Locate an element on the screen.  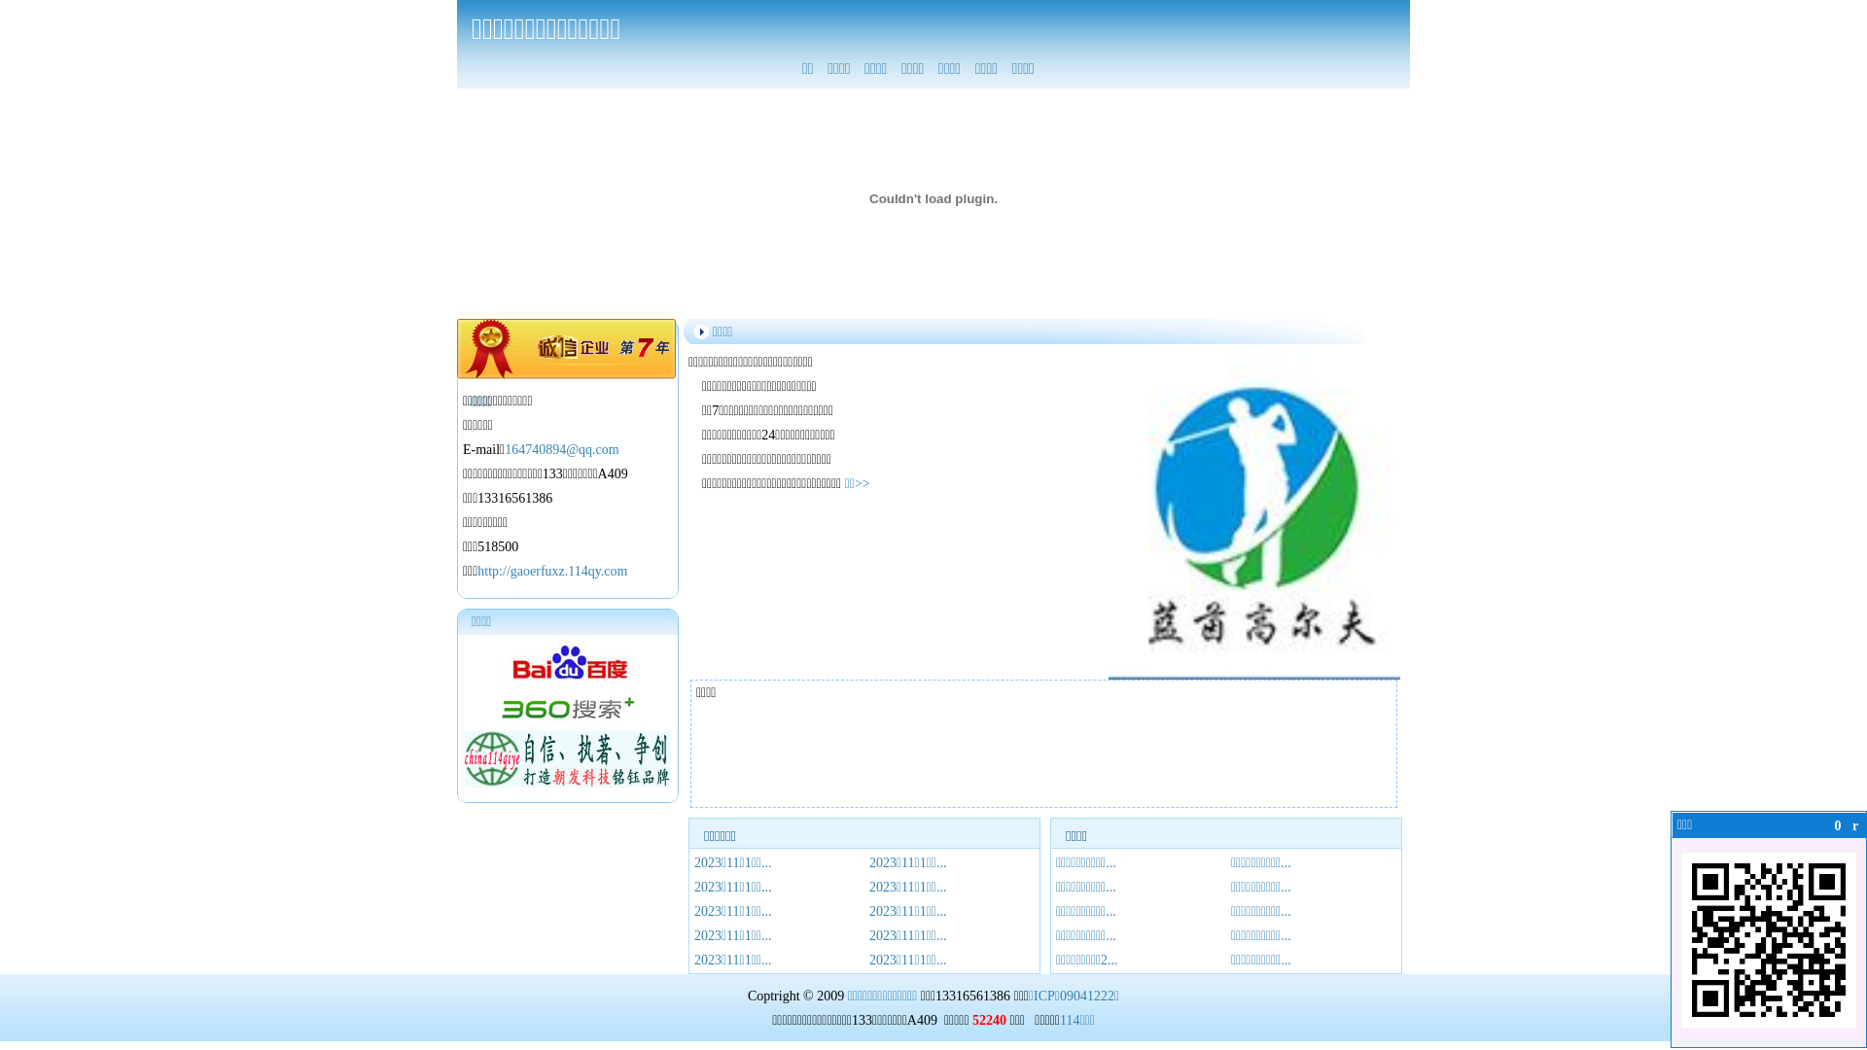
'0' is located at coordinates (1837, 825).